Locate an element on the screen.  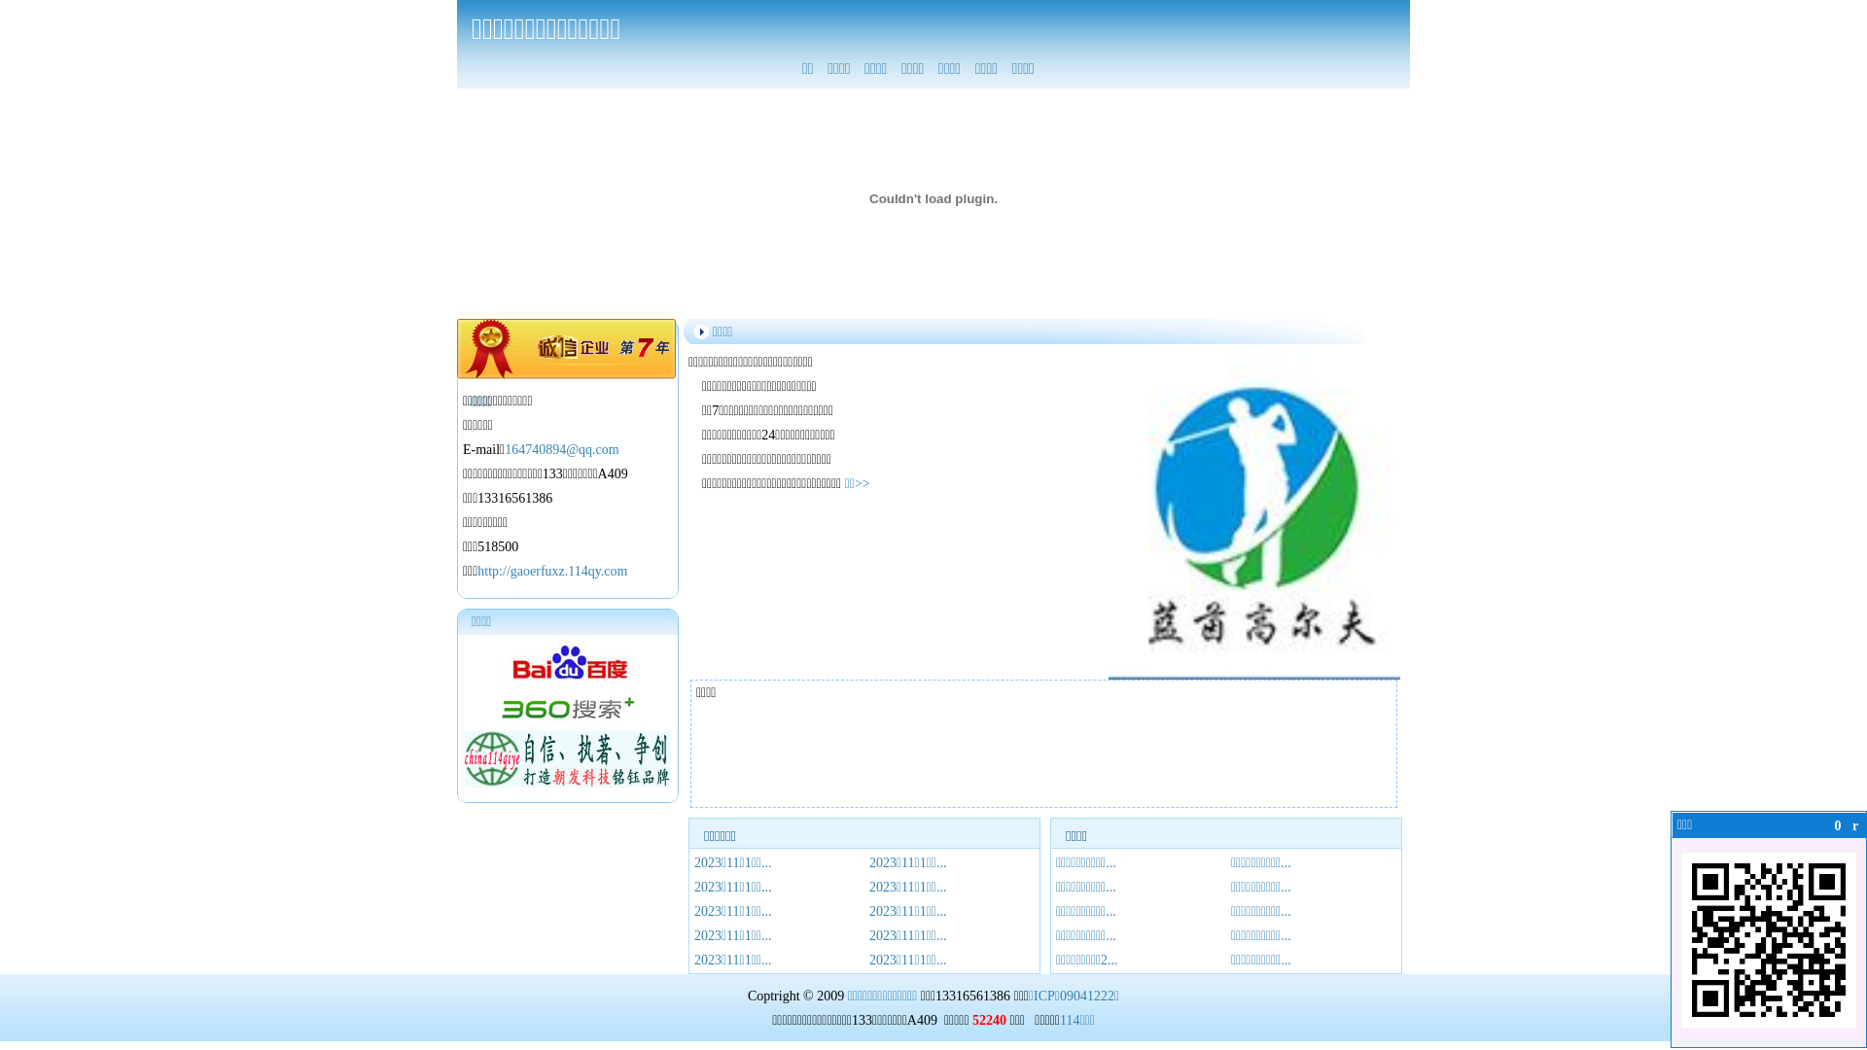
'0' is located at coordinates (1837, 825).